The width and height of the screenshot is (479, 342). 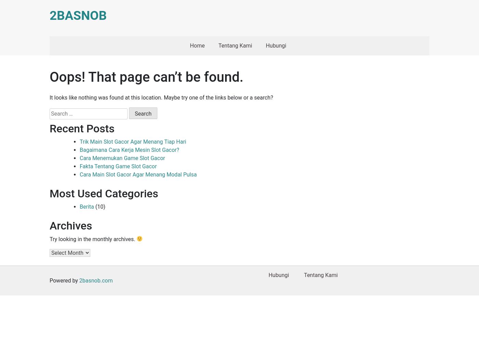 I want to click on 'Powered by', so click(x=50, y=280).